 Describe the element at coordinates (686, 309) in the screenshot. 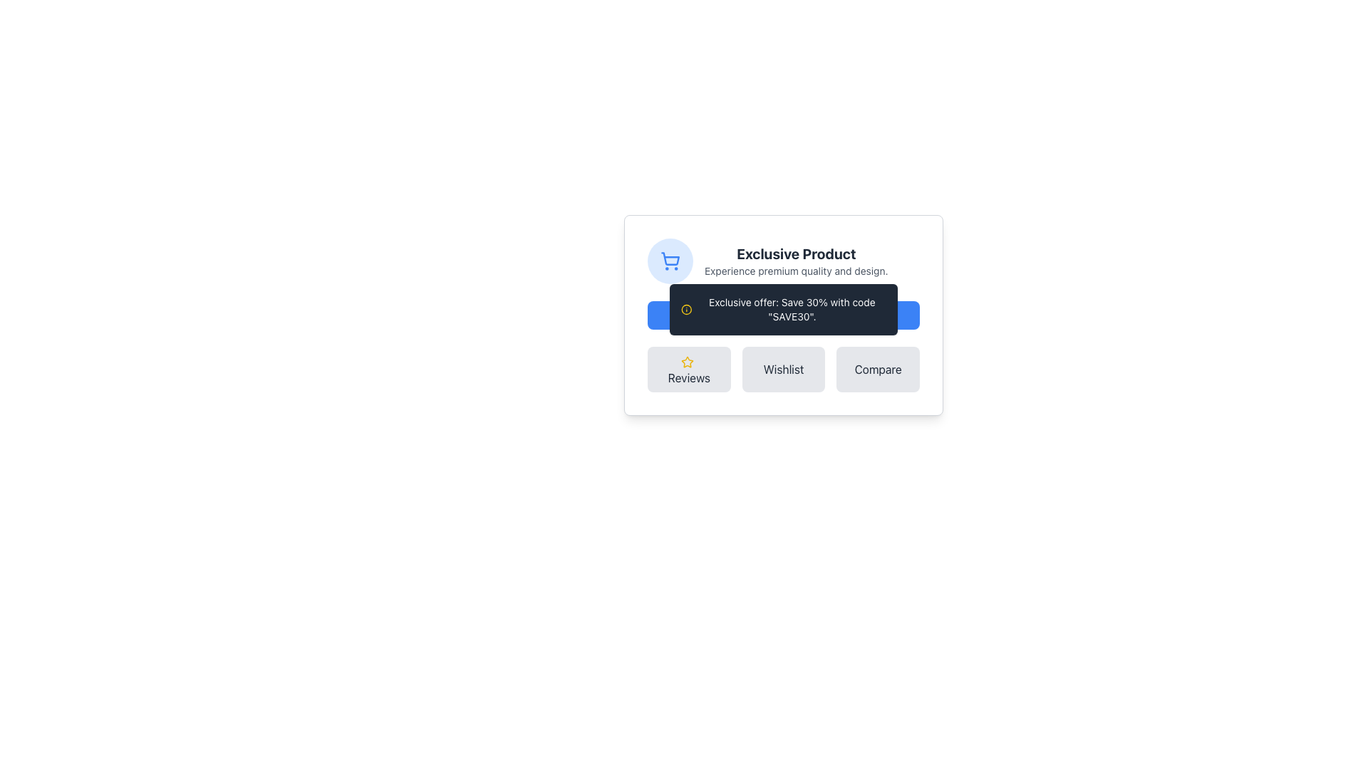

I see `the circular SVG element styled in yellow, which is part of an informative icon next to the text 'Exclusive offer: Save 30% with code "SAVE30"' in the tooltip` at that location.